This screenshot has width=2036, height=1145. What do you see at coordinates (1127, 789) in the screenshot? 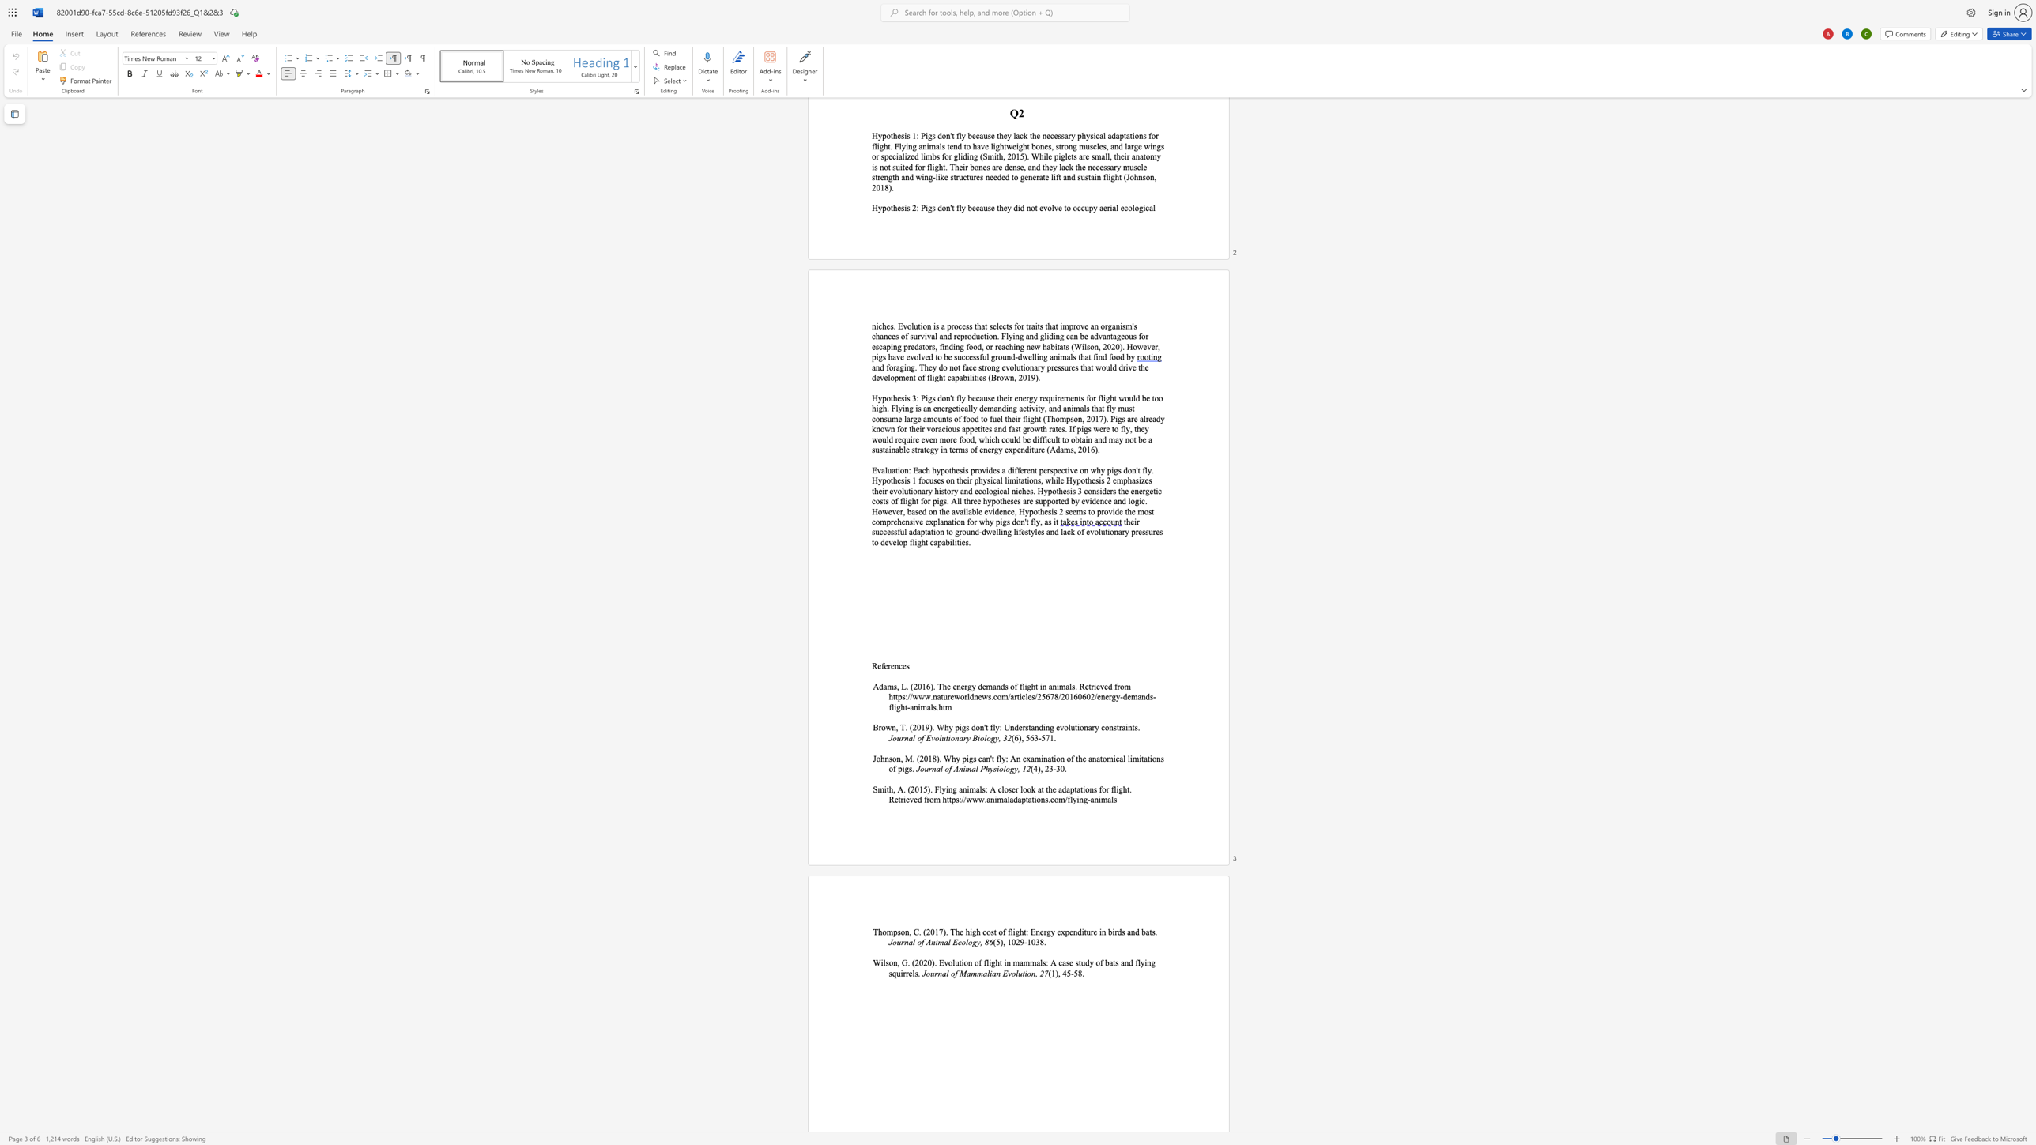
I see `the space between the continuous character "h" and "t" in the text` at bounding box center [1127, 789].